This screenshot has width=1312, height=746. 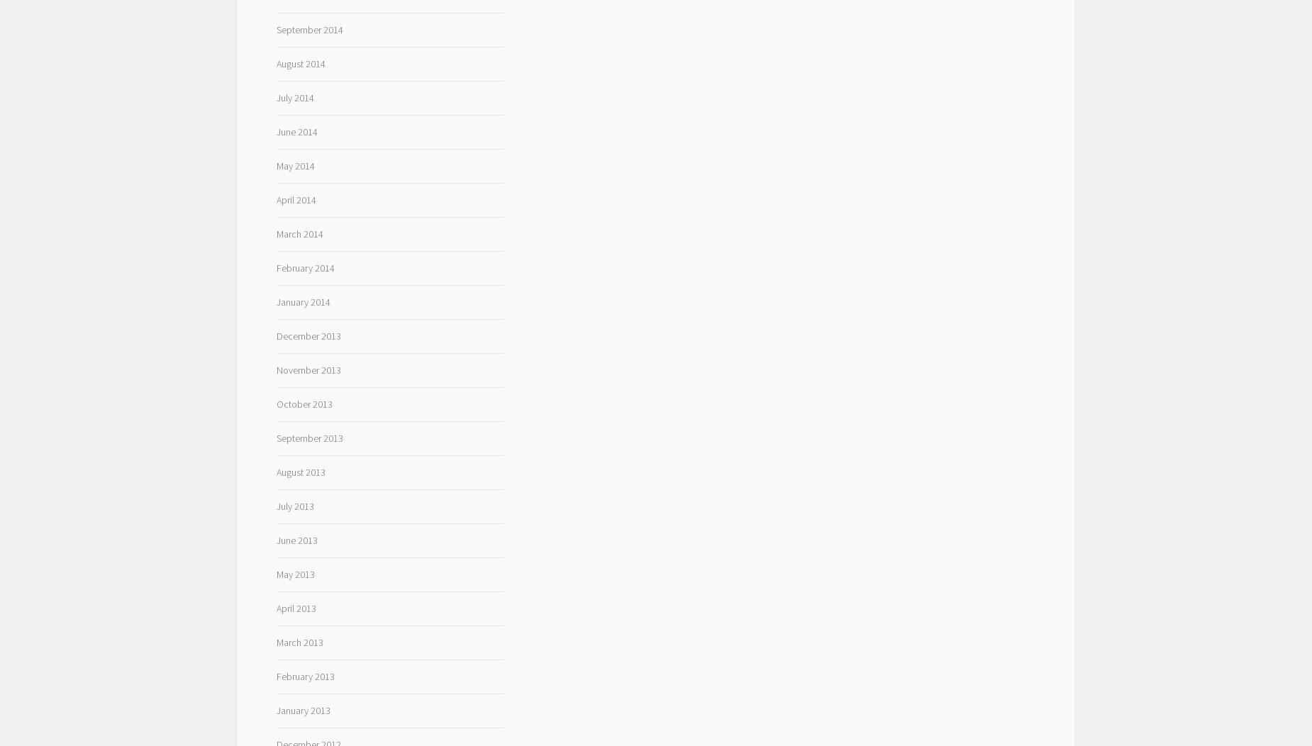 I want to click on 'October 2013', so click(x=303, y=403).